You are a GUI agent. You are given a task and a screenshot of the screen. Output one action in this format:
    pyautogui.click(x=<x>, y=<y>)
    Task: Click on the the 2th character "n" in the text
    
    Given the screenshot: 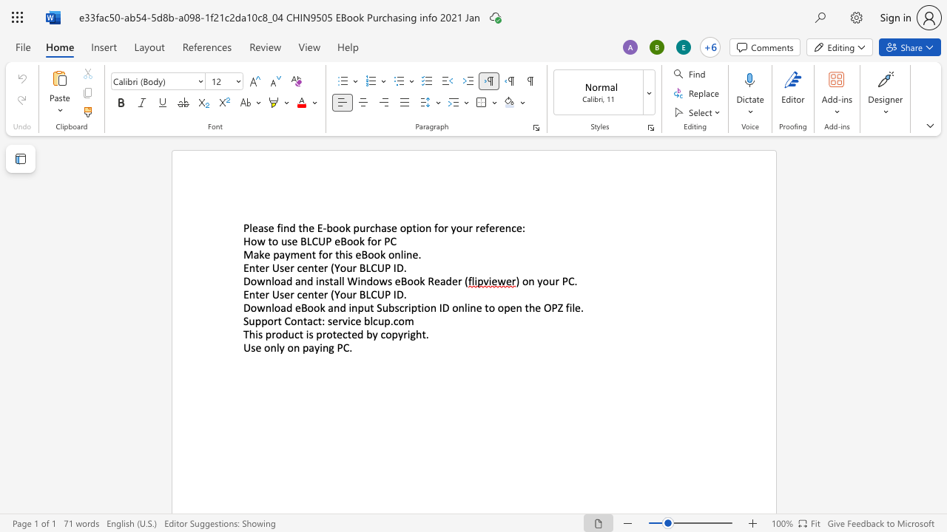 What is the action you would take?
    pyautogui.click(x=296, y=347)
    